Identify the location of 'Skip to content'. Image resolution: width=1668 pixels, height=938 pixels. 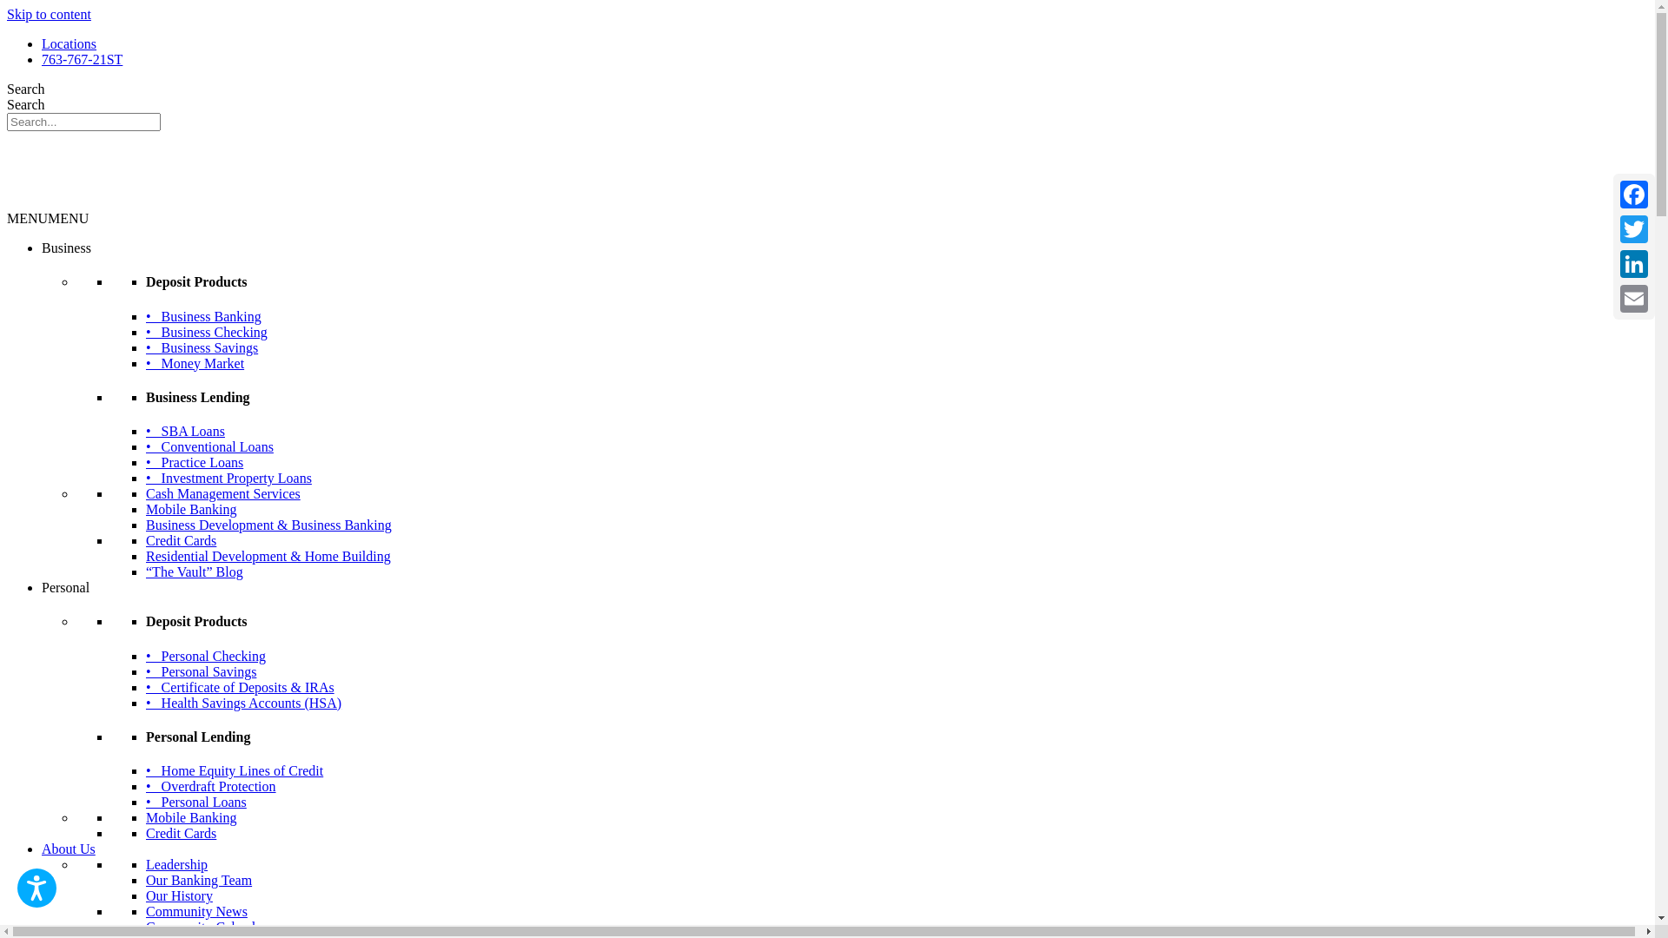
(49, 14).